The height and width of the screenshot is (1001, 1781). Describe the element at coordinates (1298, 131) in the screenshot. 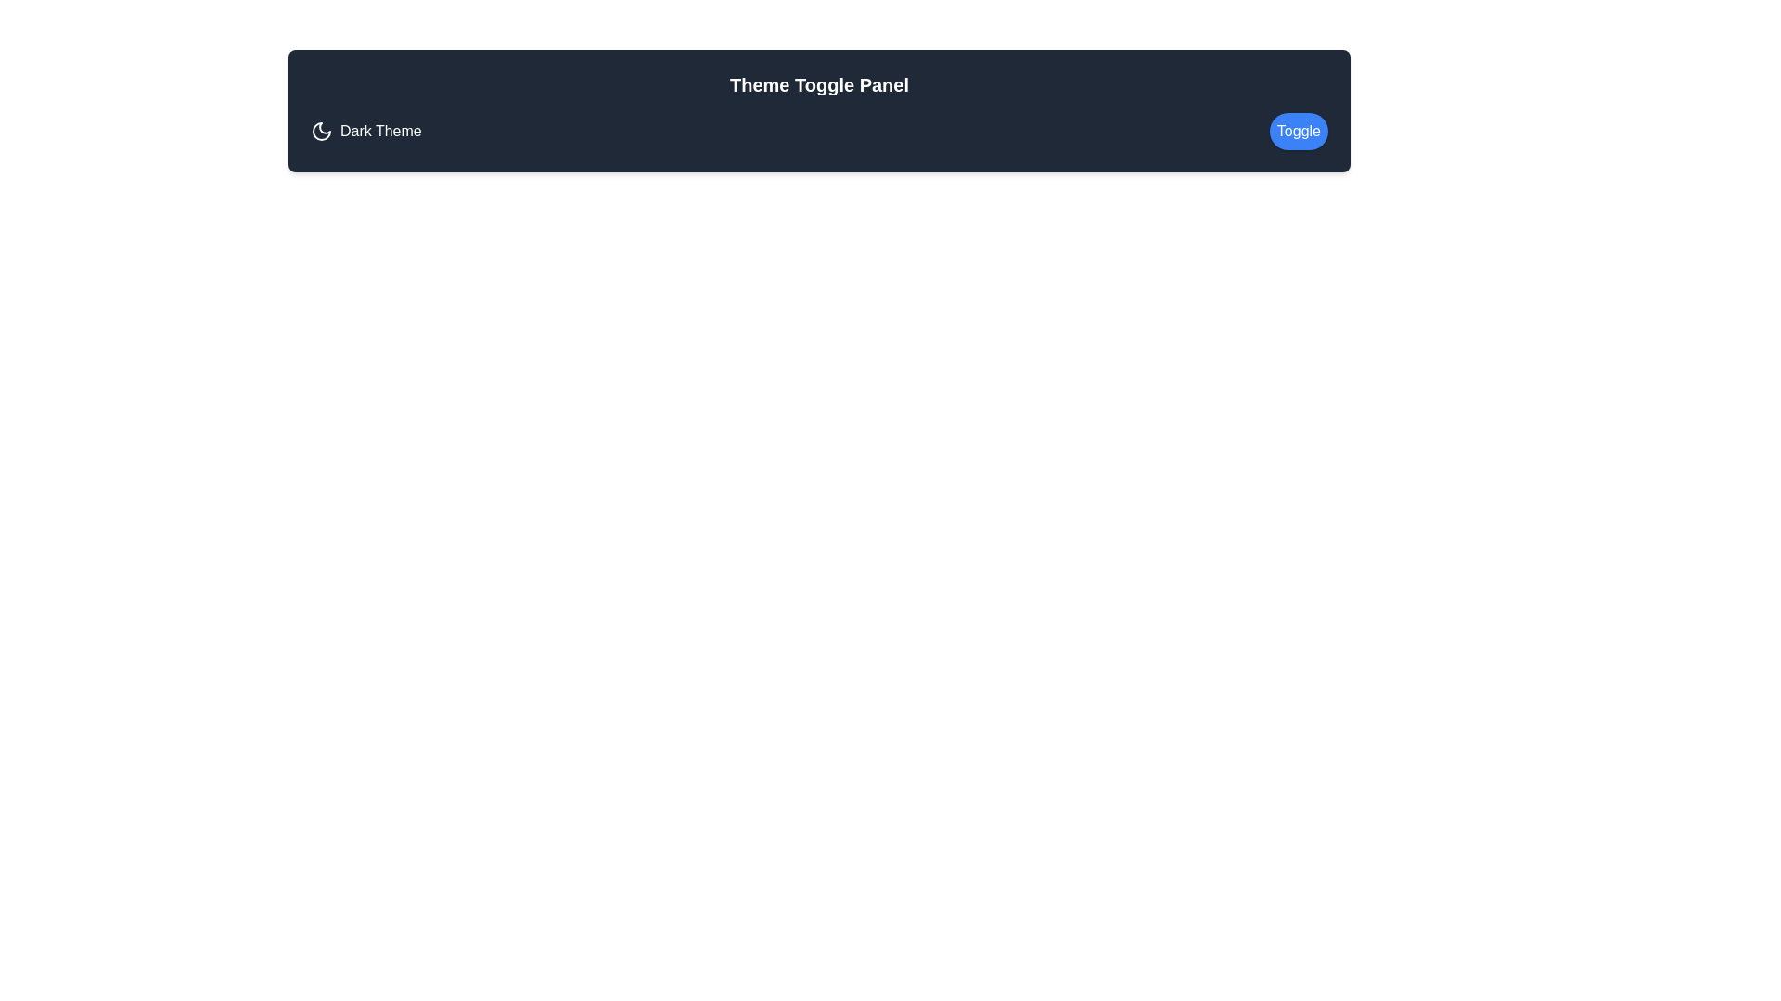

I see `the 'Toggle' button to switch the theme` at that location.